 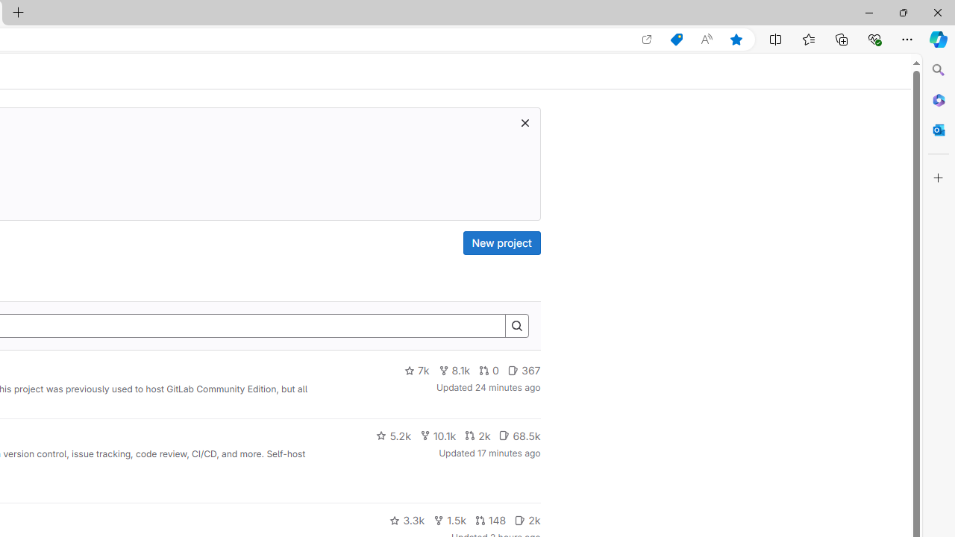 What do you see at coordinates (436, 435) in the screenshot?
I see `'10.1k'` at bounding box center [436, 435].